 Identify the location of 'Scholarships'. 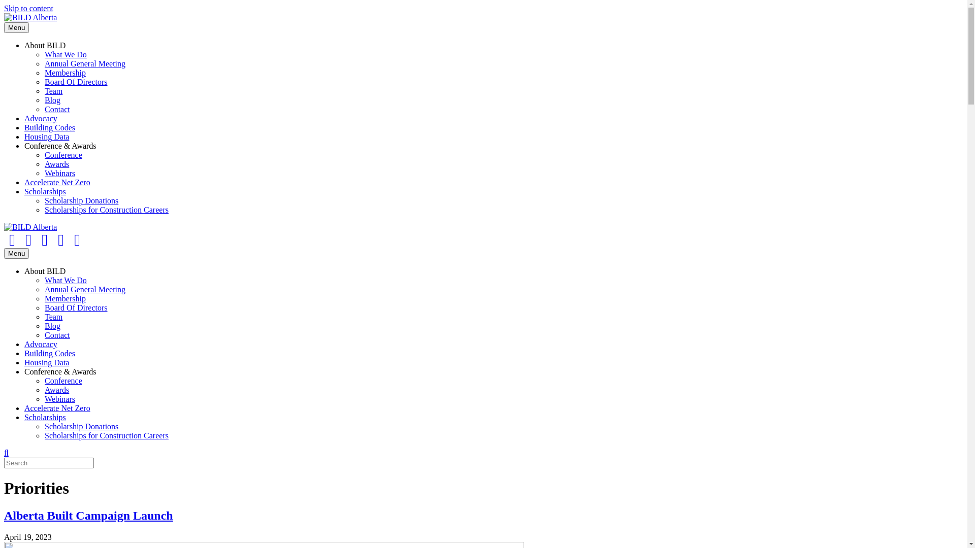
(45, 417).